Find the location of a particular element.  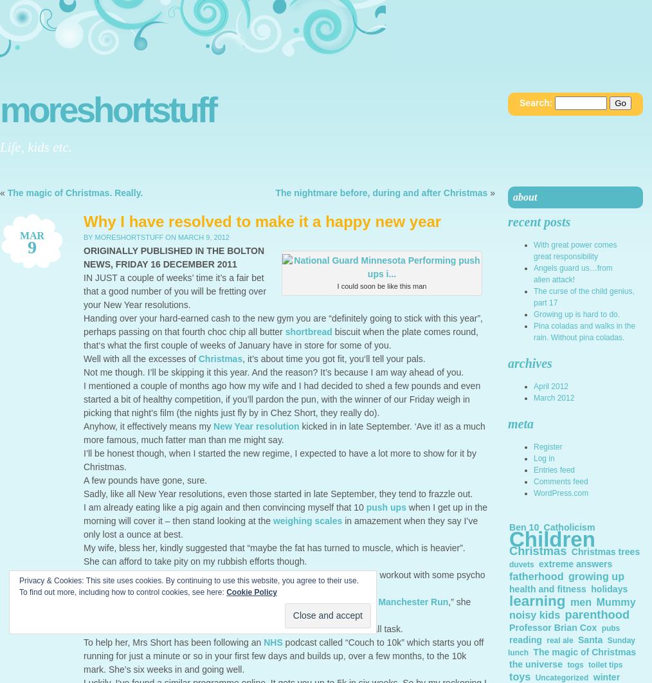

'Archives' is located at coordinates (529, 363).